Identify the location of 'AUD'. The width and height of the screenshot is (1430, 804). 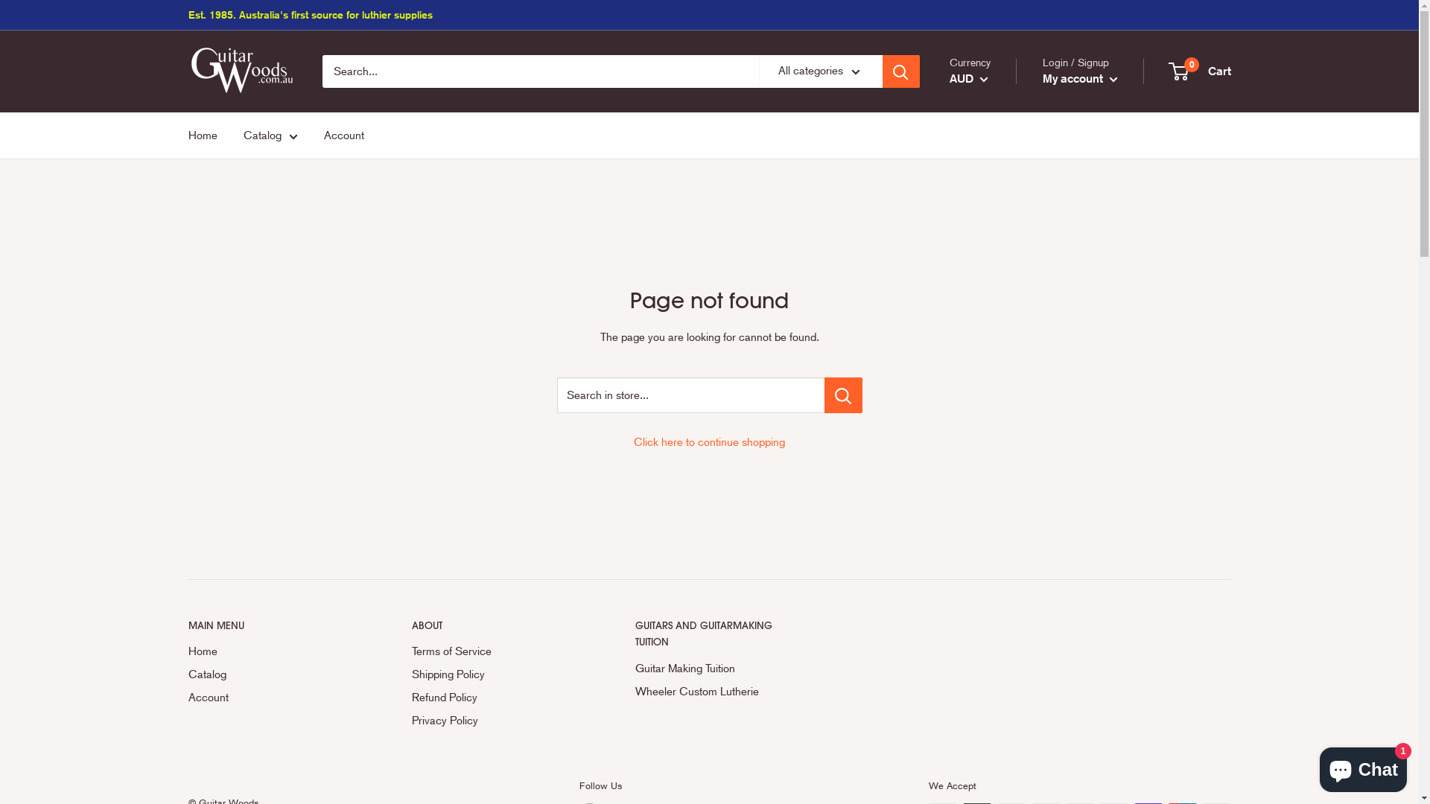
(968, 78).